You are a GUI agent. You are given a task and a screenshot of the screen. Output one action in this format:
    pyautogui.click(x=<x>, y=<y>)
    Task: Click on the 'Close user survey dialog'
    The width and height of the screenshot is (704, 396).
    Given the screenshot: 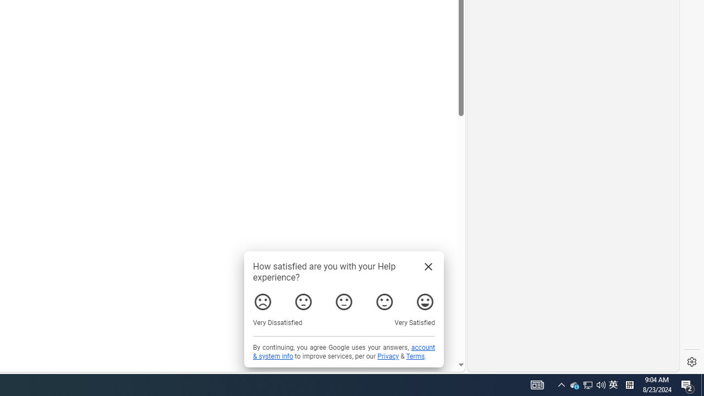 What is the action you would take?
    pyautogui.click(x=427, y=266)
    